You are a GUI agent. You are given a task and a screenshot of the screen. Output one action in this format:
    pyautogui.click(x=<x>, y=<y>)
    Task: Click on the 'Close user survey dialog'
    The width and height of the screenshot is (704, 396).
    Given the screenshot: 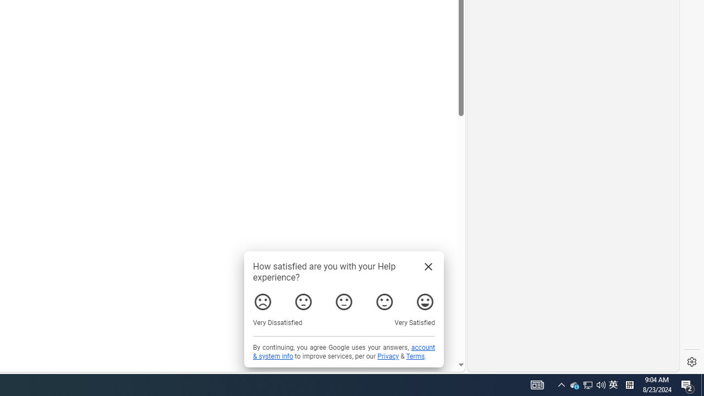 What is the action you would take?
    pyautogui.click(x=427, y=266)
    